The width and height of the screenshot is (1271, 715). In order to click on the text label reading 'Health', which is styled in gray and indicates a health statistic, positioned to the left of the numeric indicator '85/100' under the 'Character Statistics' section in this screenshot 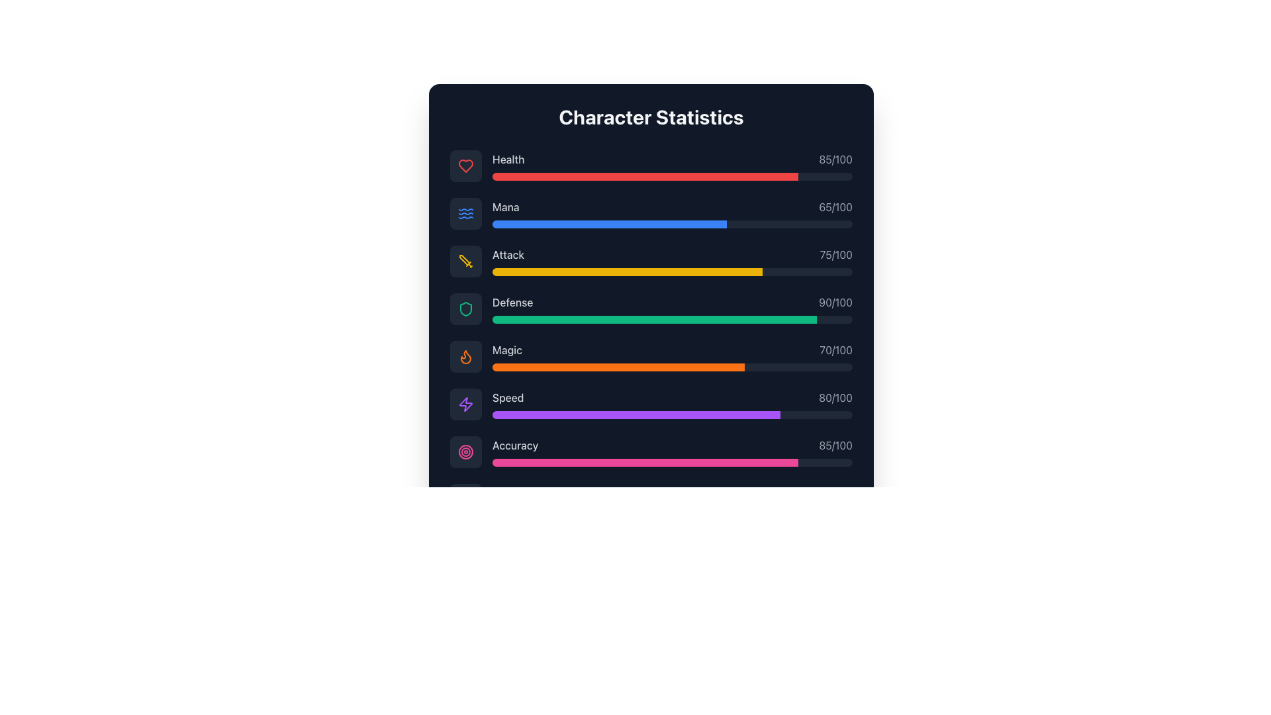, I will do `click(508, 158)`.